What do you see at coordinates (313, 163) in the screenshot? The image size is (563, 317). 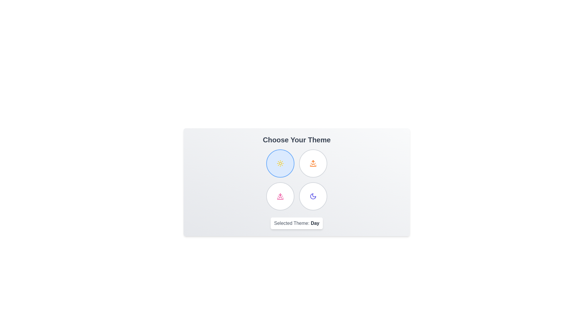 I see `the theme Sunrise by clicking on its respective button` at bounding box center [313, 163].